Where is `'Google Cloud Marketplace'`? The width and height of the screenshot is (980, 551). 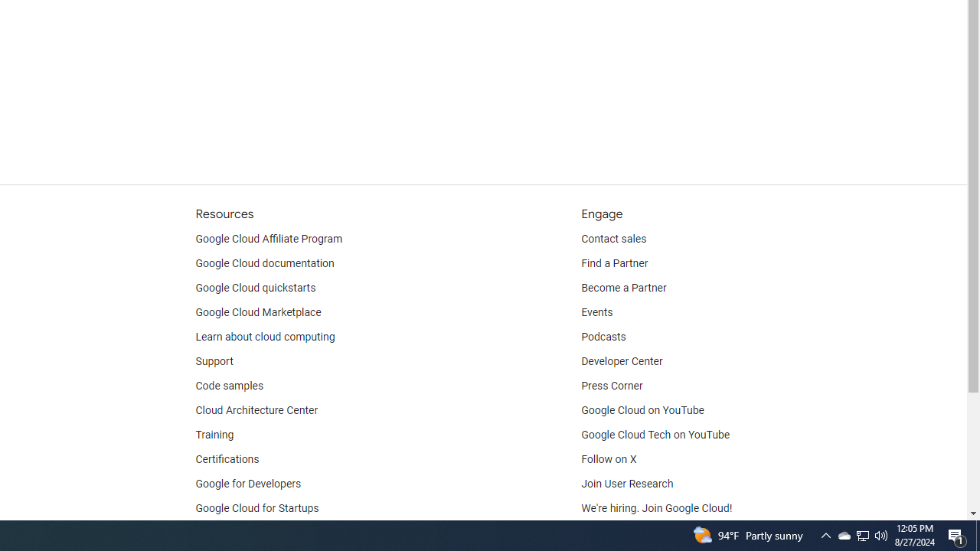 'Google Cloud Marketplace' is located at coordinates (258, 311).